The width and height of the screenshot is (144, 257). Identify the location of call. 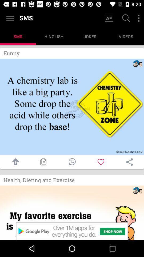
(72, 162).